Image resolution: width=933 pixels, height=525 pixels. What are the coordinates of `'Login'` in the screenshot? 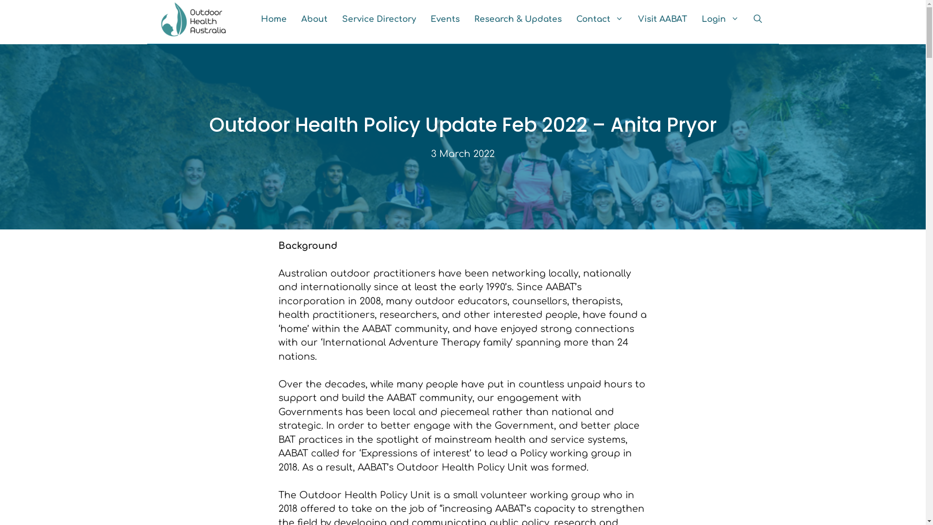 It's located at (720, 19).